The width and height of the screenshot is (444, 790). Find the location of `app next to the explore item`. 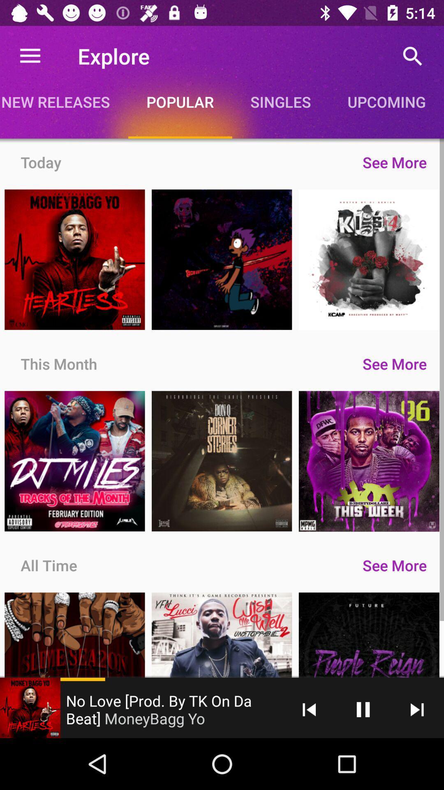

app next to the explore item is located at coordinates (30, 56).